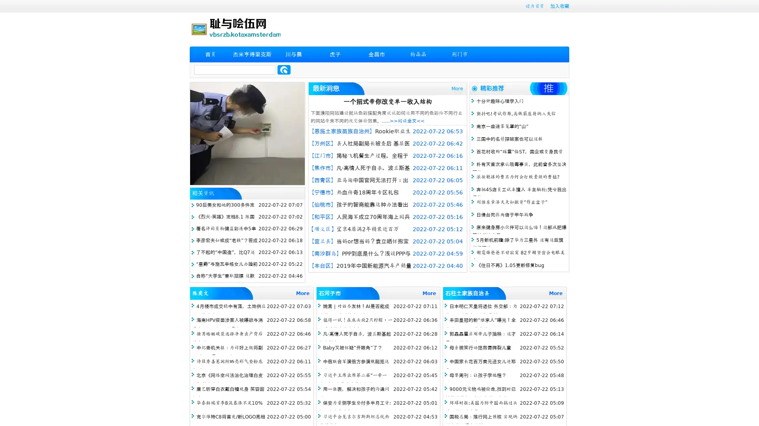 The width and height of the screenshot is (759, 426). Describe the element at coordinates (284, 69) in the screenshot. I see `Search` at that location.